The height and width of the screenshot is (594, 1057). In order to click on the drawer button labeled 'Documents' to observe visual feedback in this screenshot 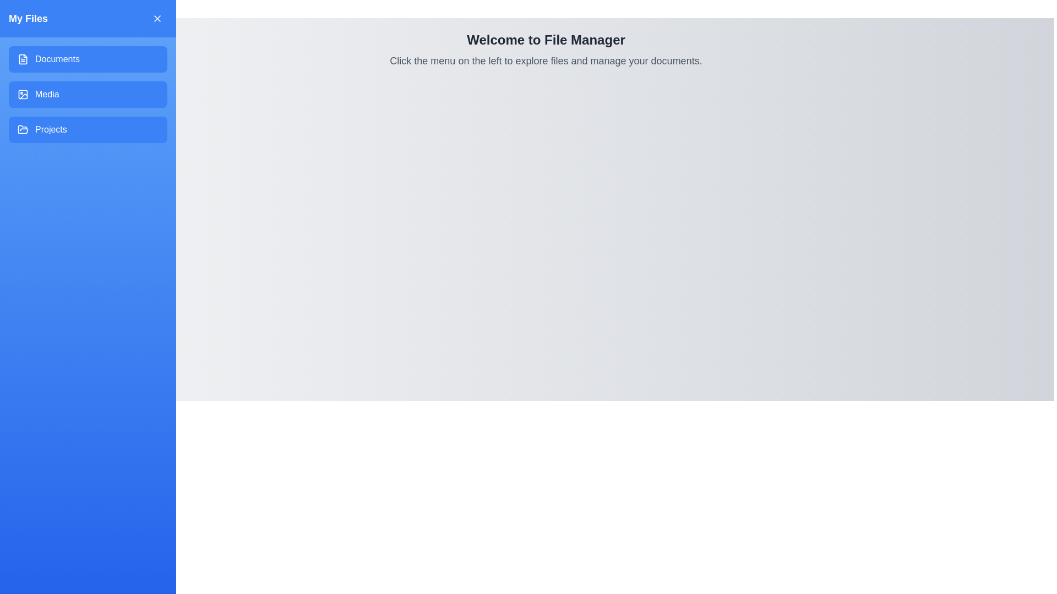, I will do `click(87, 59)`.